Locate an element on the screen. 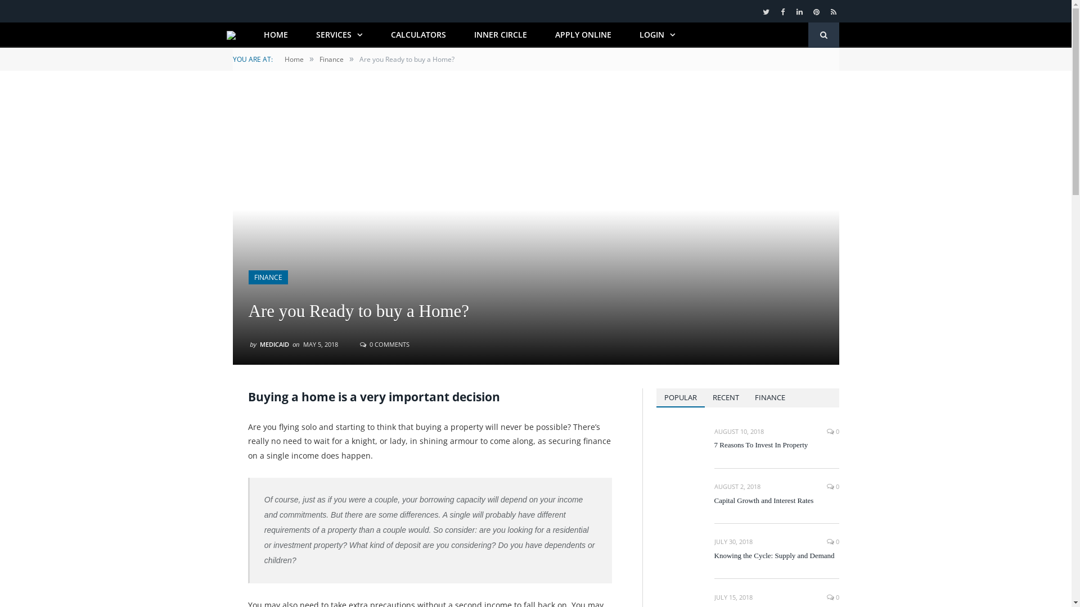 This screenshot has width=1080, height=607. 'Home' is located at coordinates (294, 59).